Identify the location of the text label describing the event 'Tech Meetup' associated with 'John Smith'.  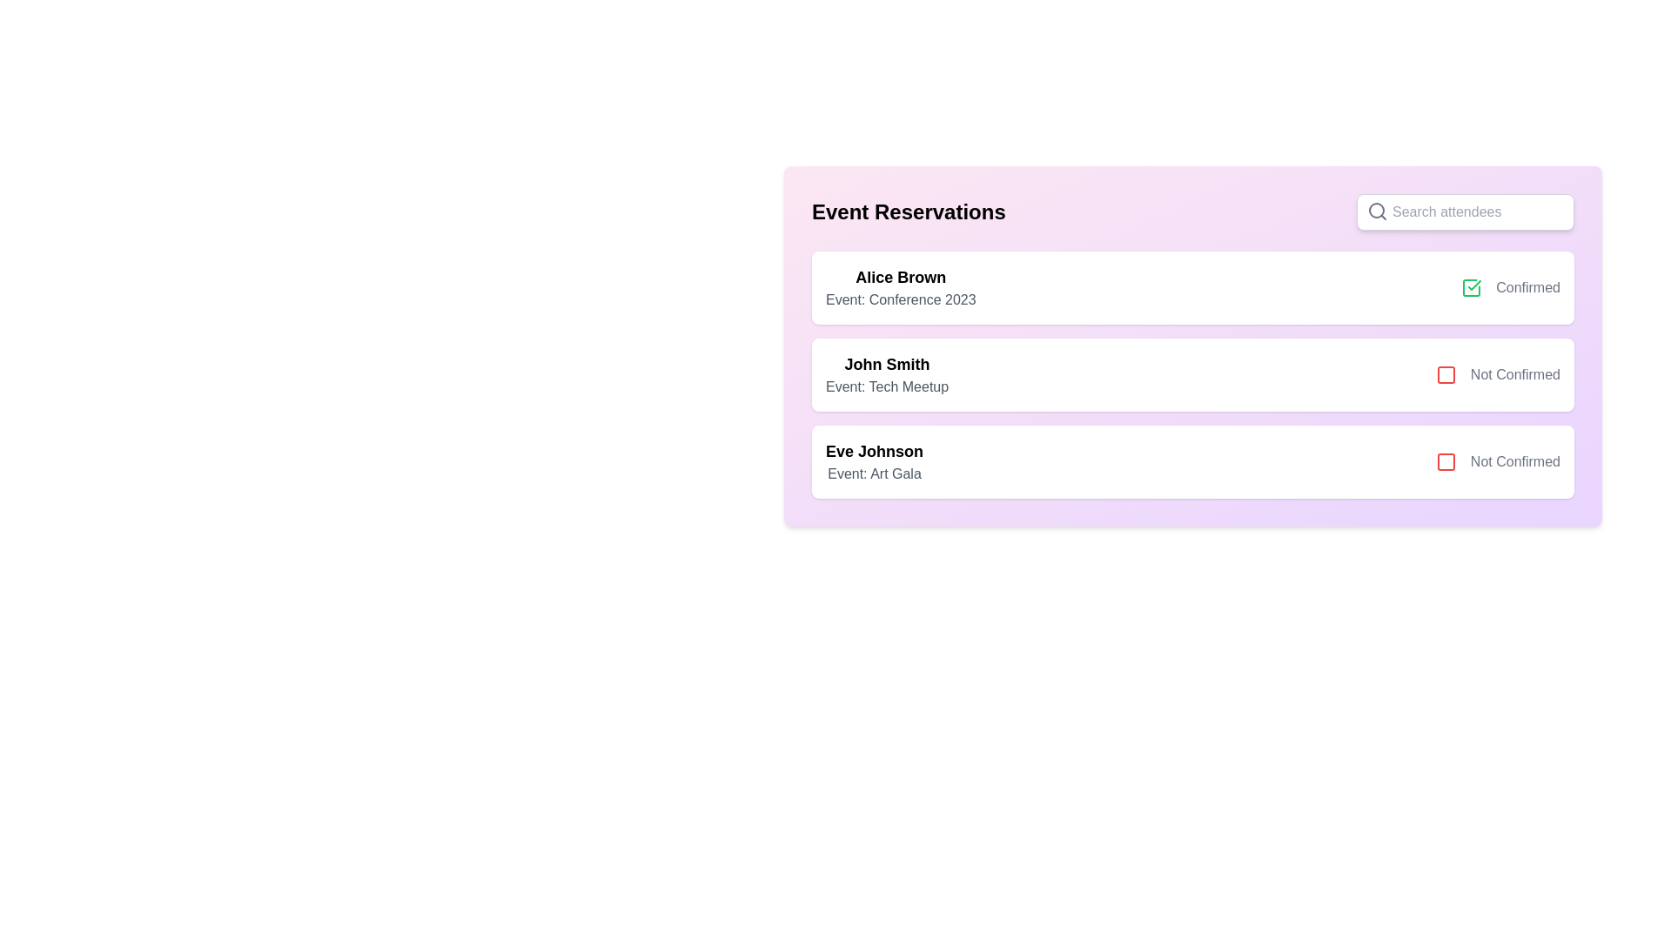
(887, 386).